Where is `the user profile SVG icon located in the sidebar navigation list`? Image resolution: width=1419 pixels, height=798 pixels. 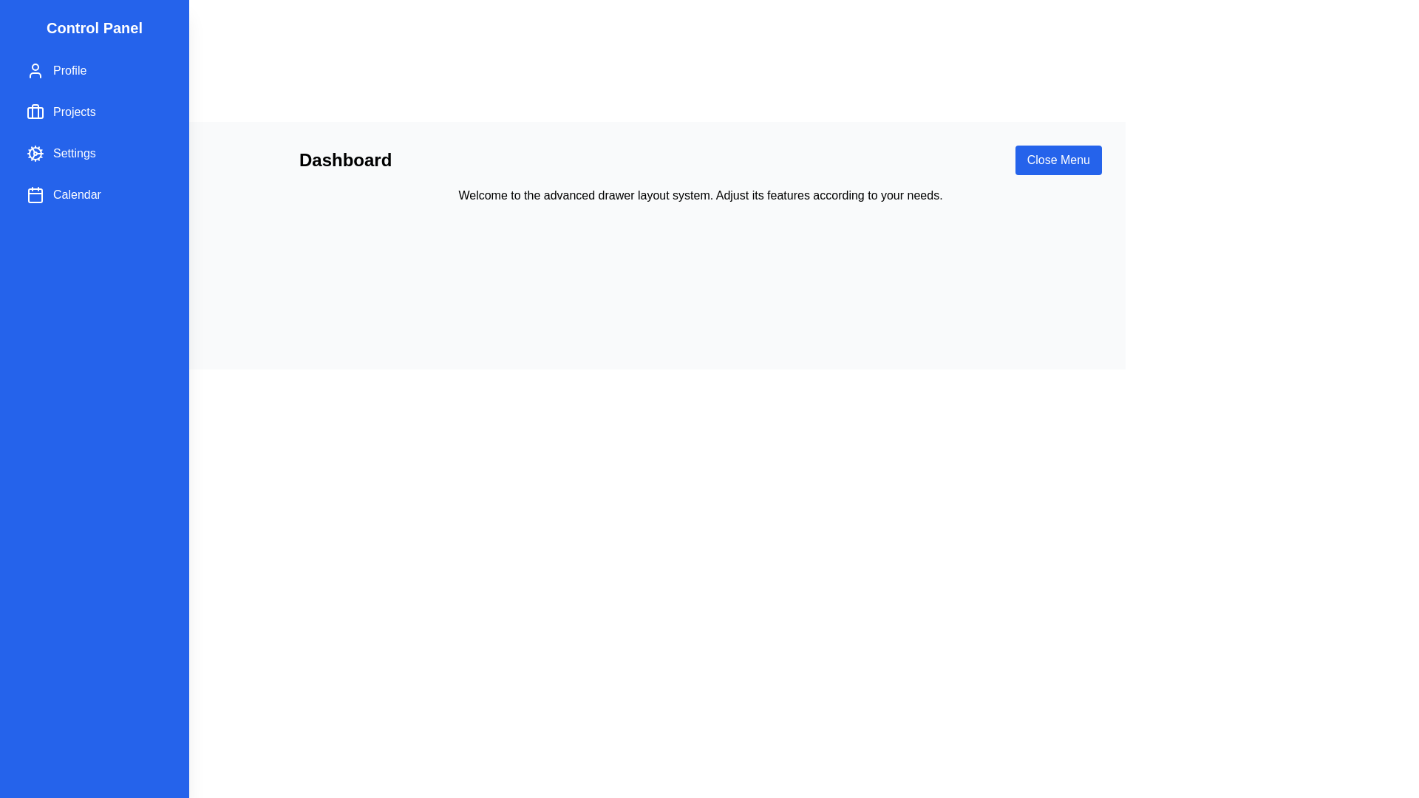
the user profile SVG icon located in the sidebar navigation list is located at coordinates (35, 71).